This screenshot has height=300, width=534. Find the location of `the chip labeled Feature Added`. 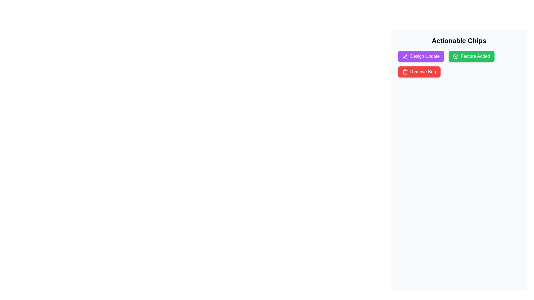

the chip labeled Feature Added is located at coordinates (471, 56).